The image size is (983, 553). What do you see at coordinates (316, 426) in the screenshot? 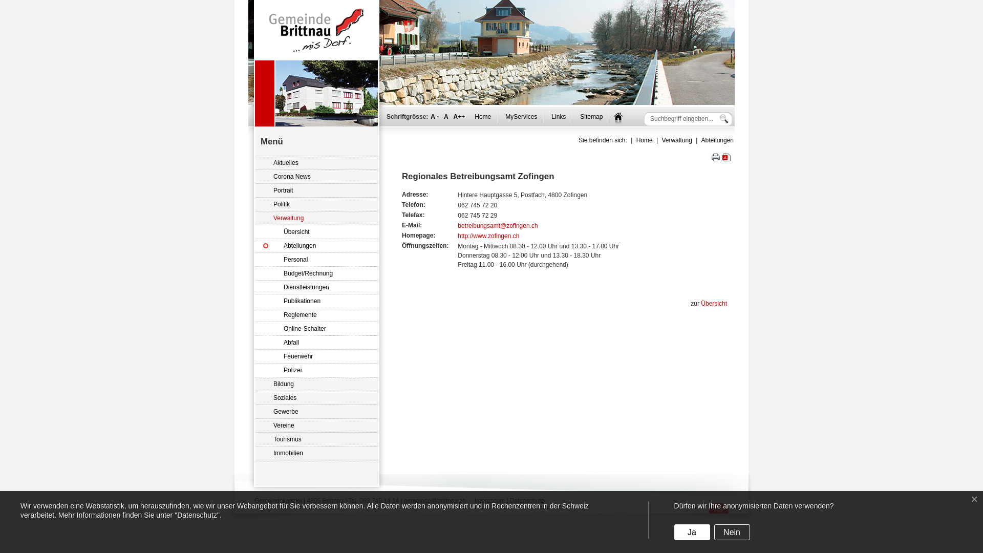
I see `'Vereine'` at bounding box center [316, 426].